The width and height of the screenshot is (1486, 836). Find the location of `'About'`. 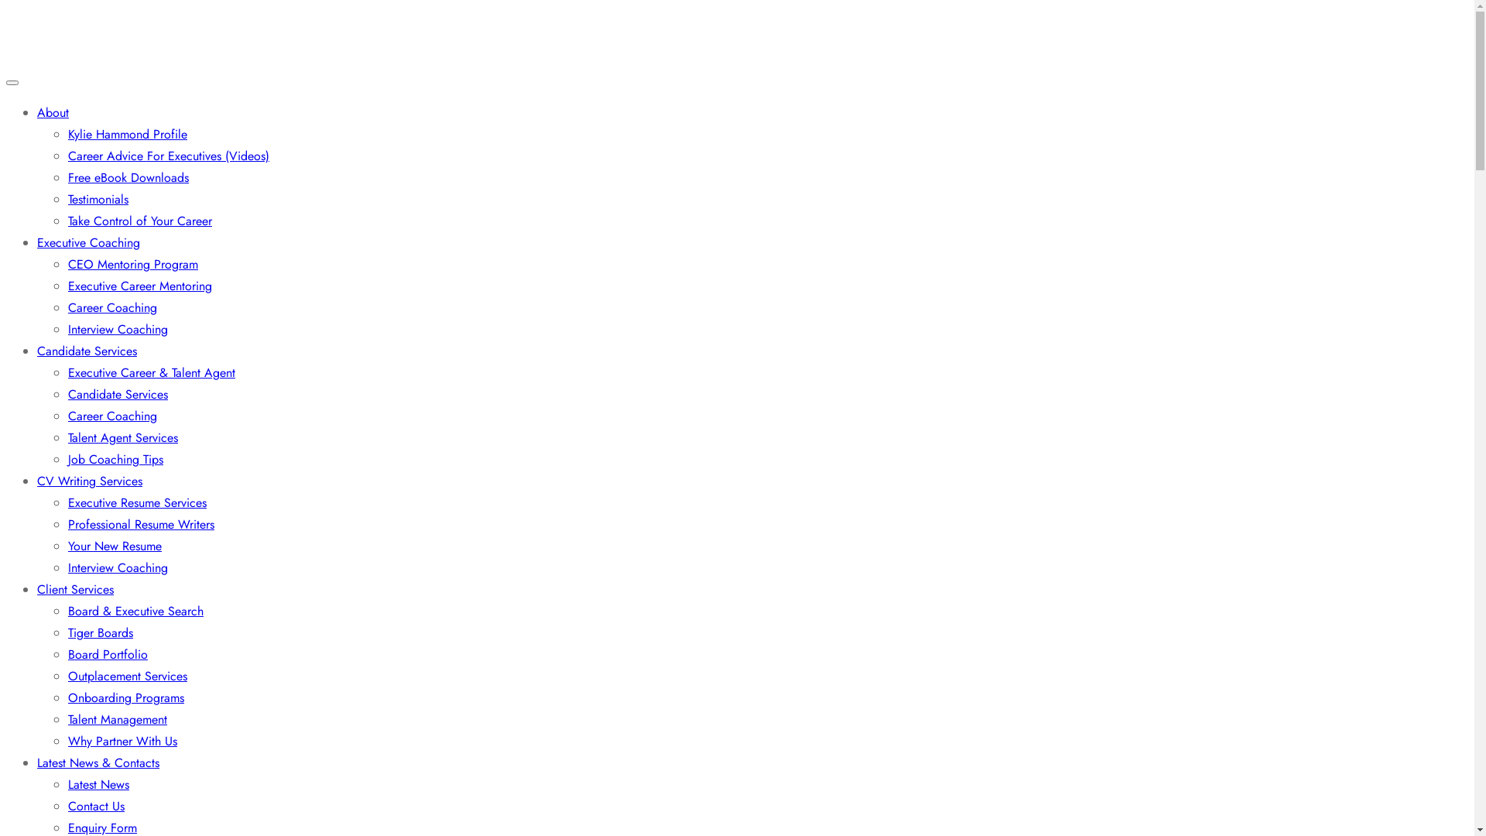

'About' is located at coordinates (37, 111).